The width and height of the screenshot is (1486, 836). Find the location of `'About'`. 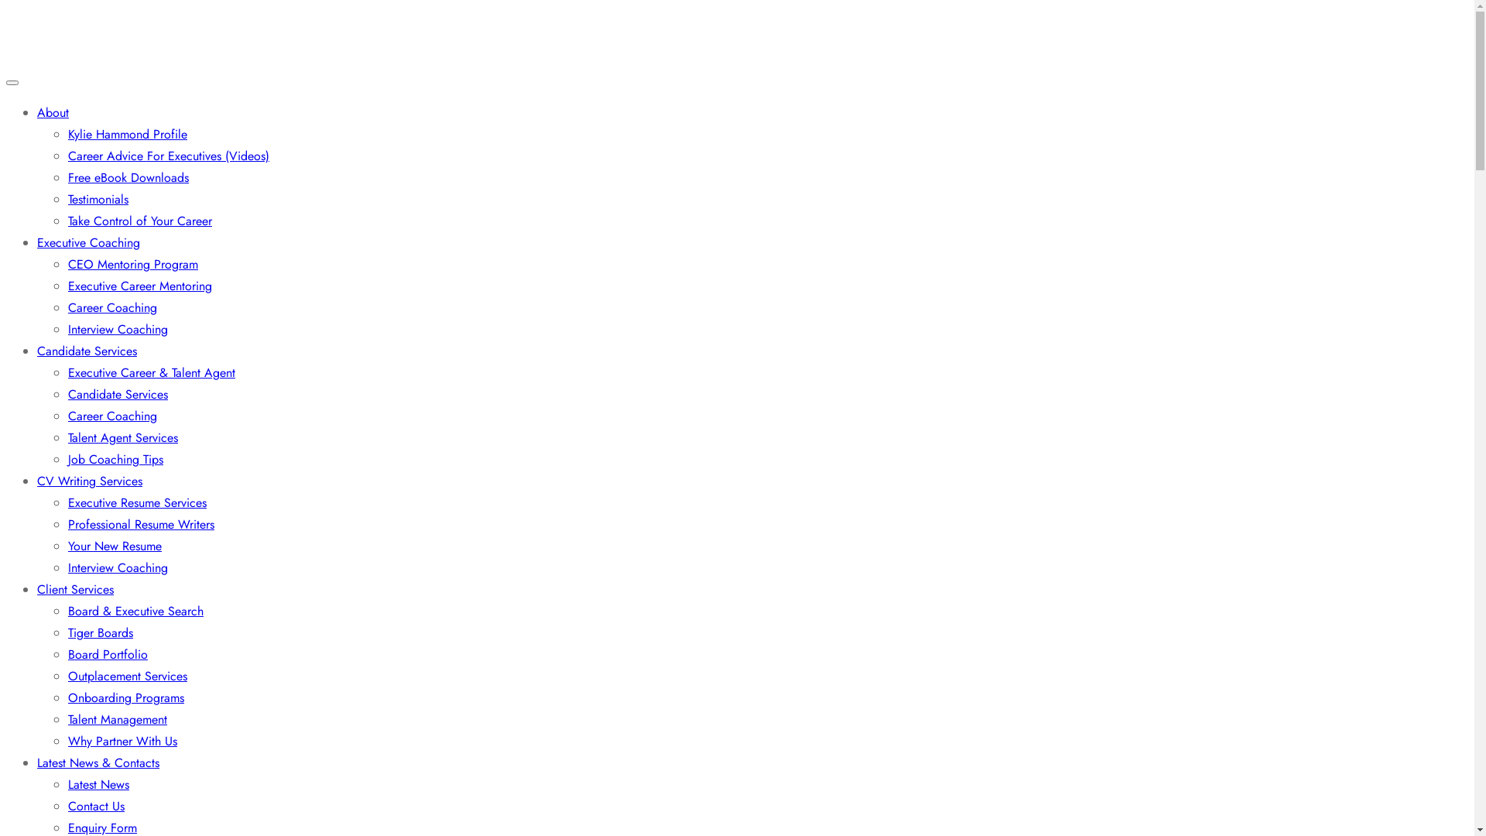

'About' is located at coordinates (37, 111).